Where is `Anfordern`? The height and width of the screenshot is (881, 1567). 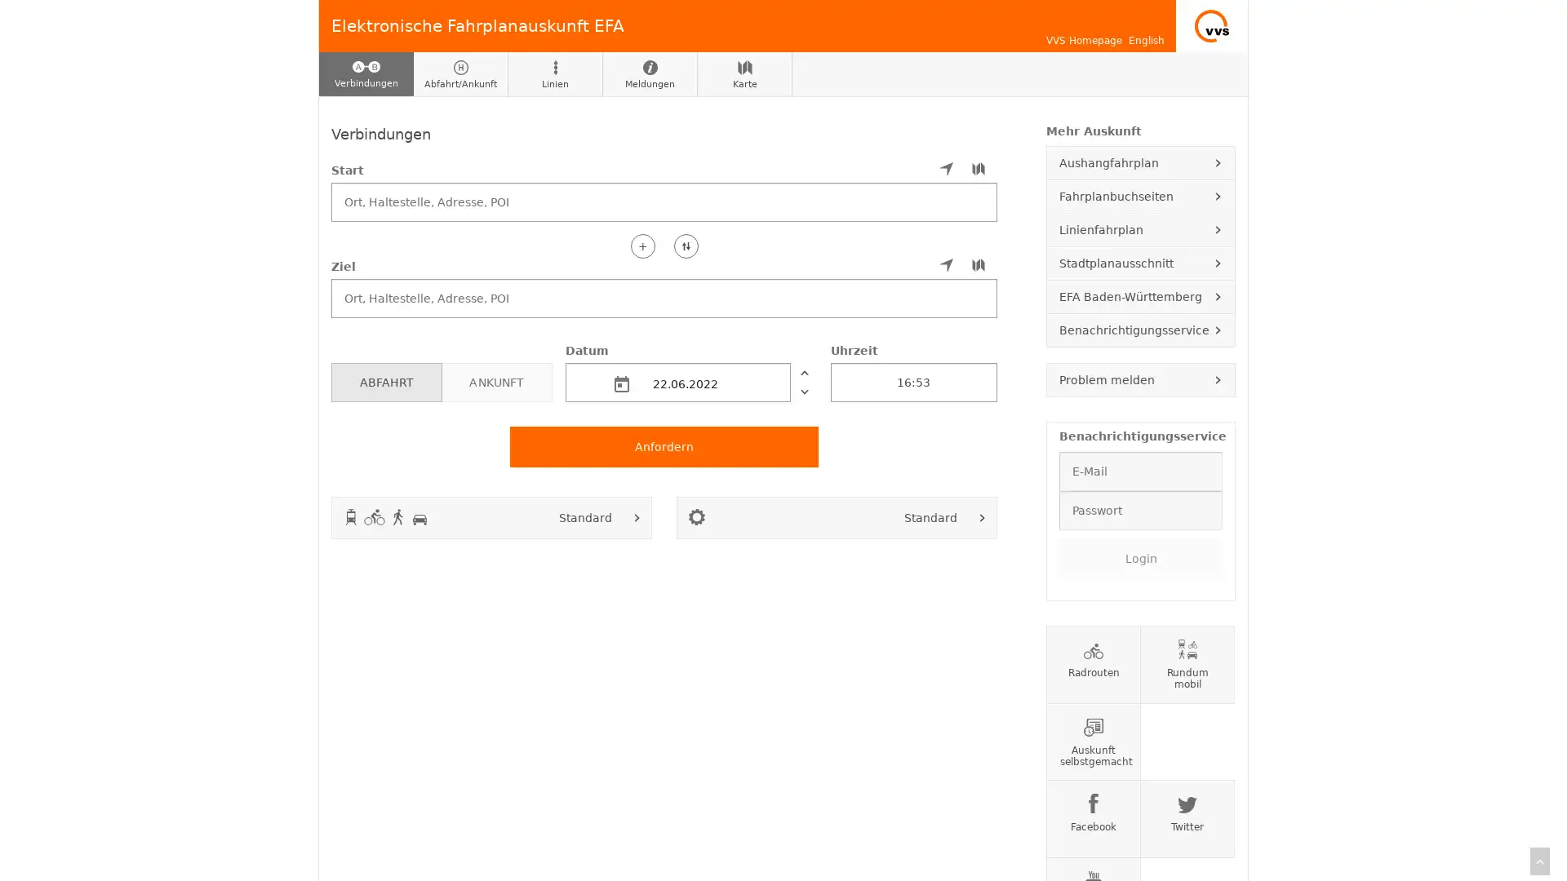 Anfordern is located at coordinates (664, 446).